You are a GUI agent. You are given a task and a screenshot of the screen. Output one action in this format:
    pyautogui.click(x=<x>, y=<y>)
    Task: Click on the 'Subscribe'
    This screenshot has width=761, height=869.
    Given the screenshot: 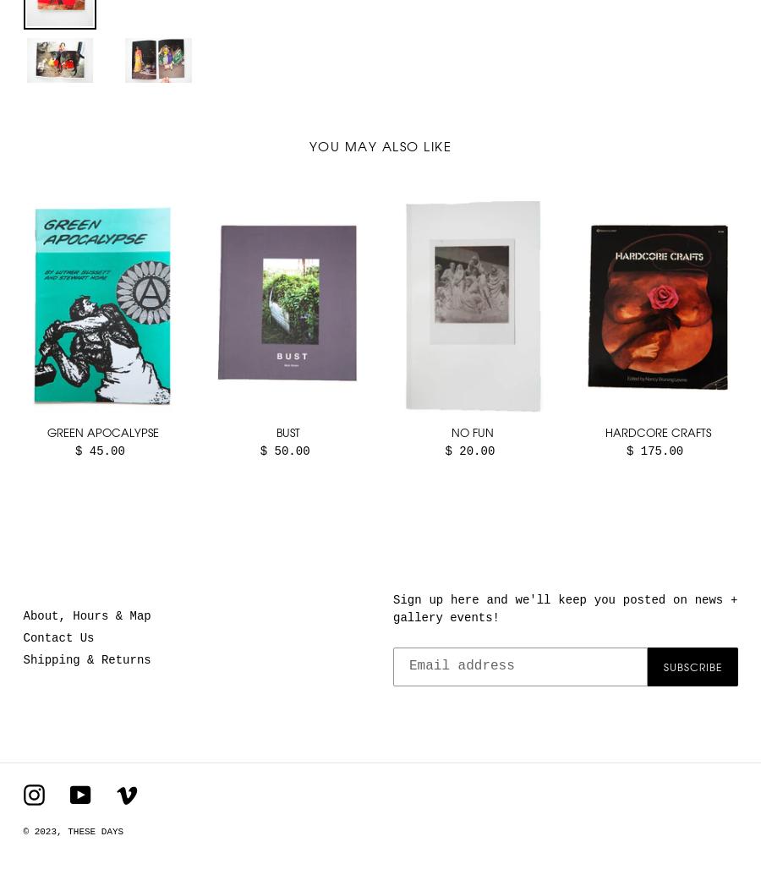 What is the action you would take?
    pyautogui.click(x=692, y=665)
    